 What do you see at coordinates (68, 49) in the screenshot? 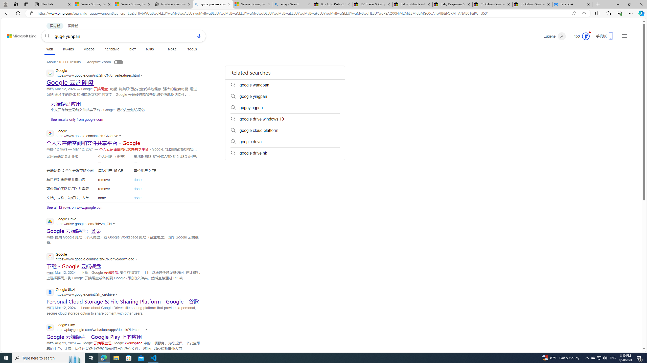
I see `'IMAGES'` at bounding box center [68, 49].